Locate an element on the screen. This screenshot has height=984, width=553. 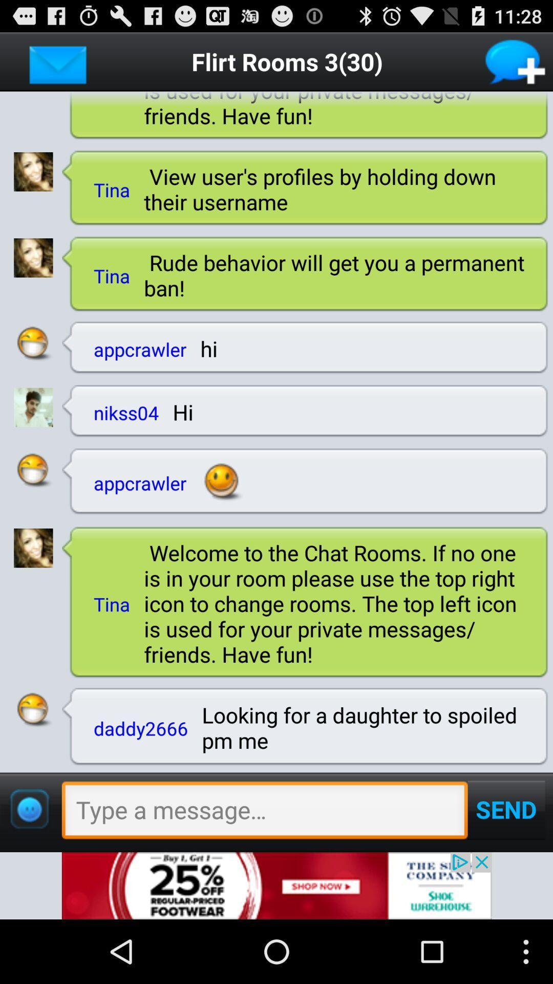
home is located at coordinates (58, 61).